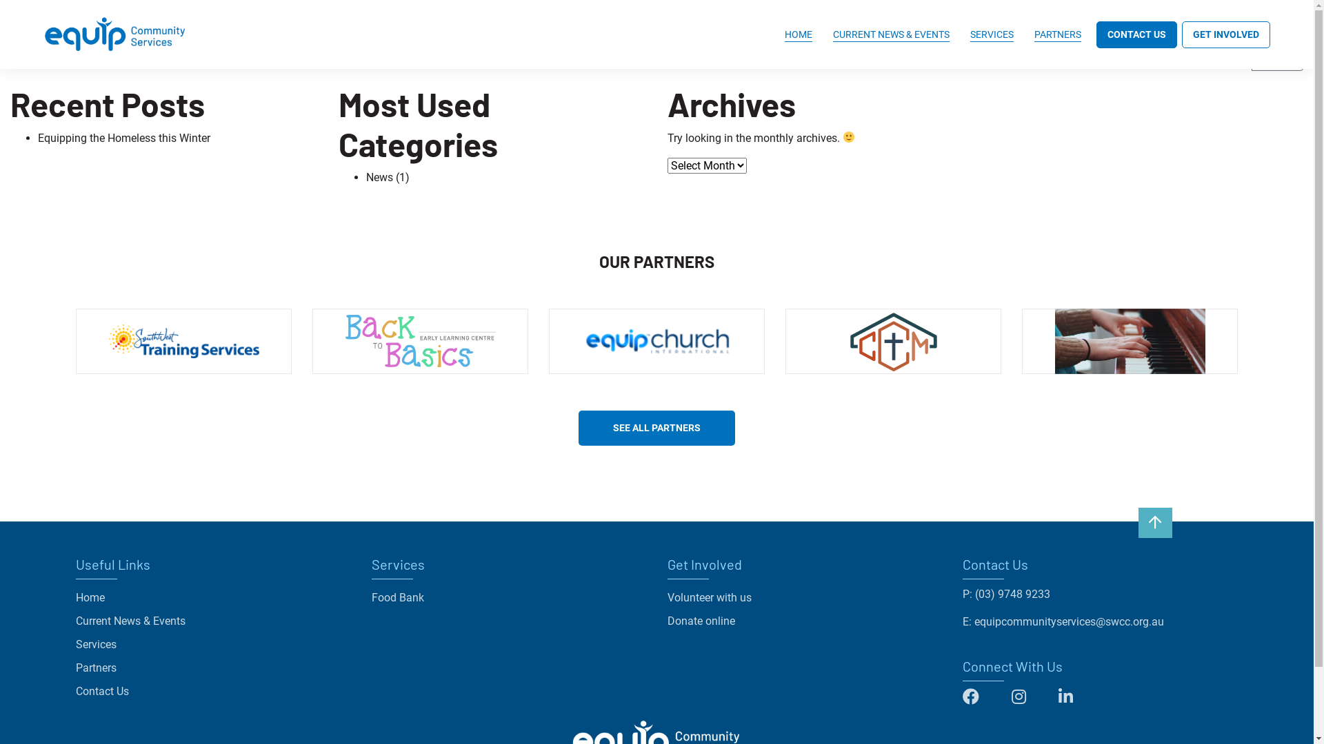 This screenshot has height=744, width=1324. Describe the element at coordinates (95, 667) in the screenshot. I see `'Partners'` at that location.